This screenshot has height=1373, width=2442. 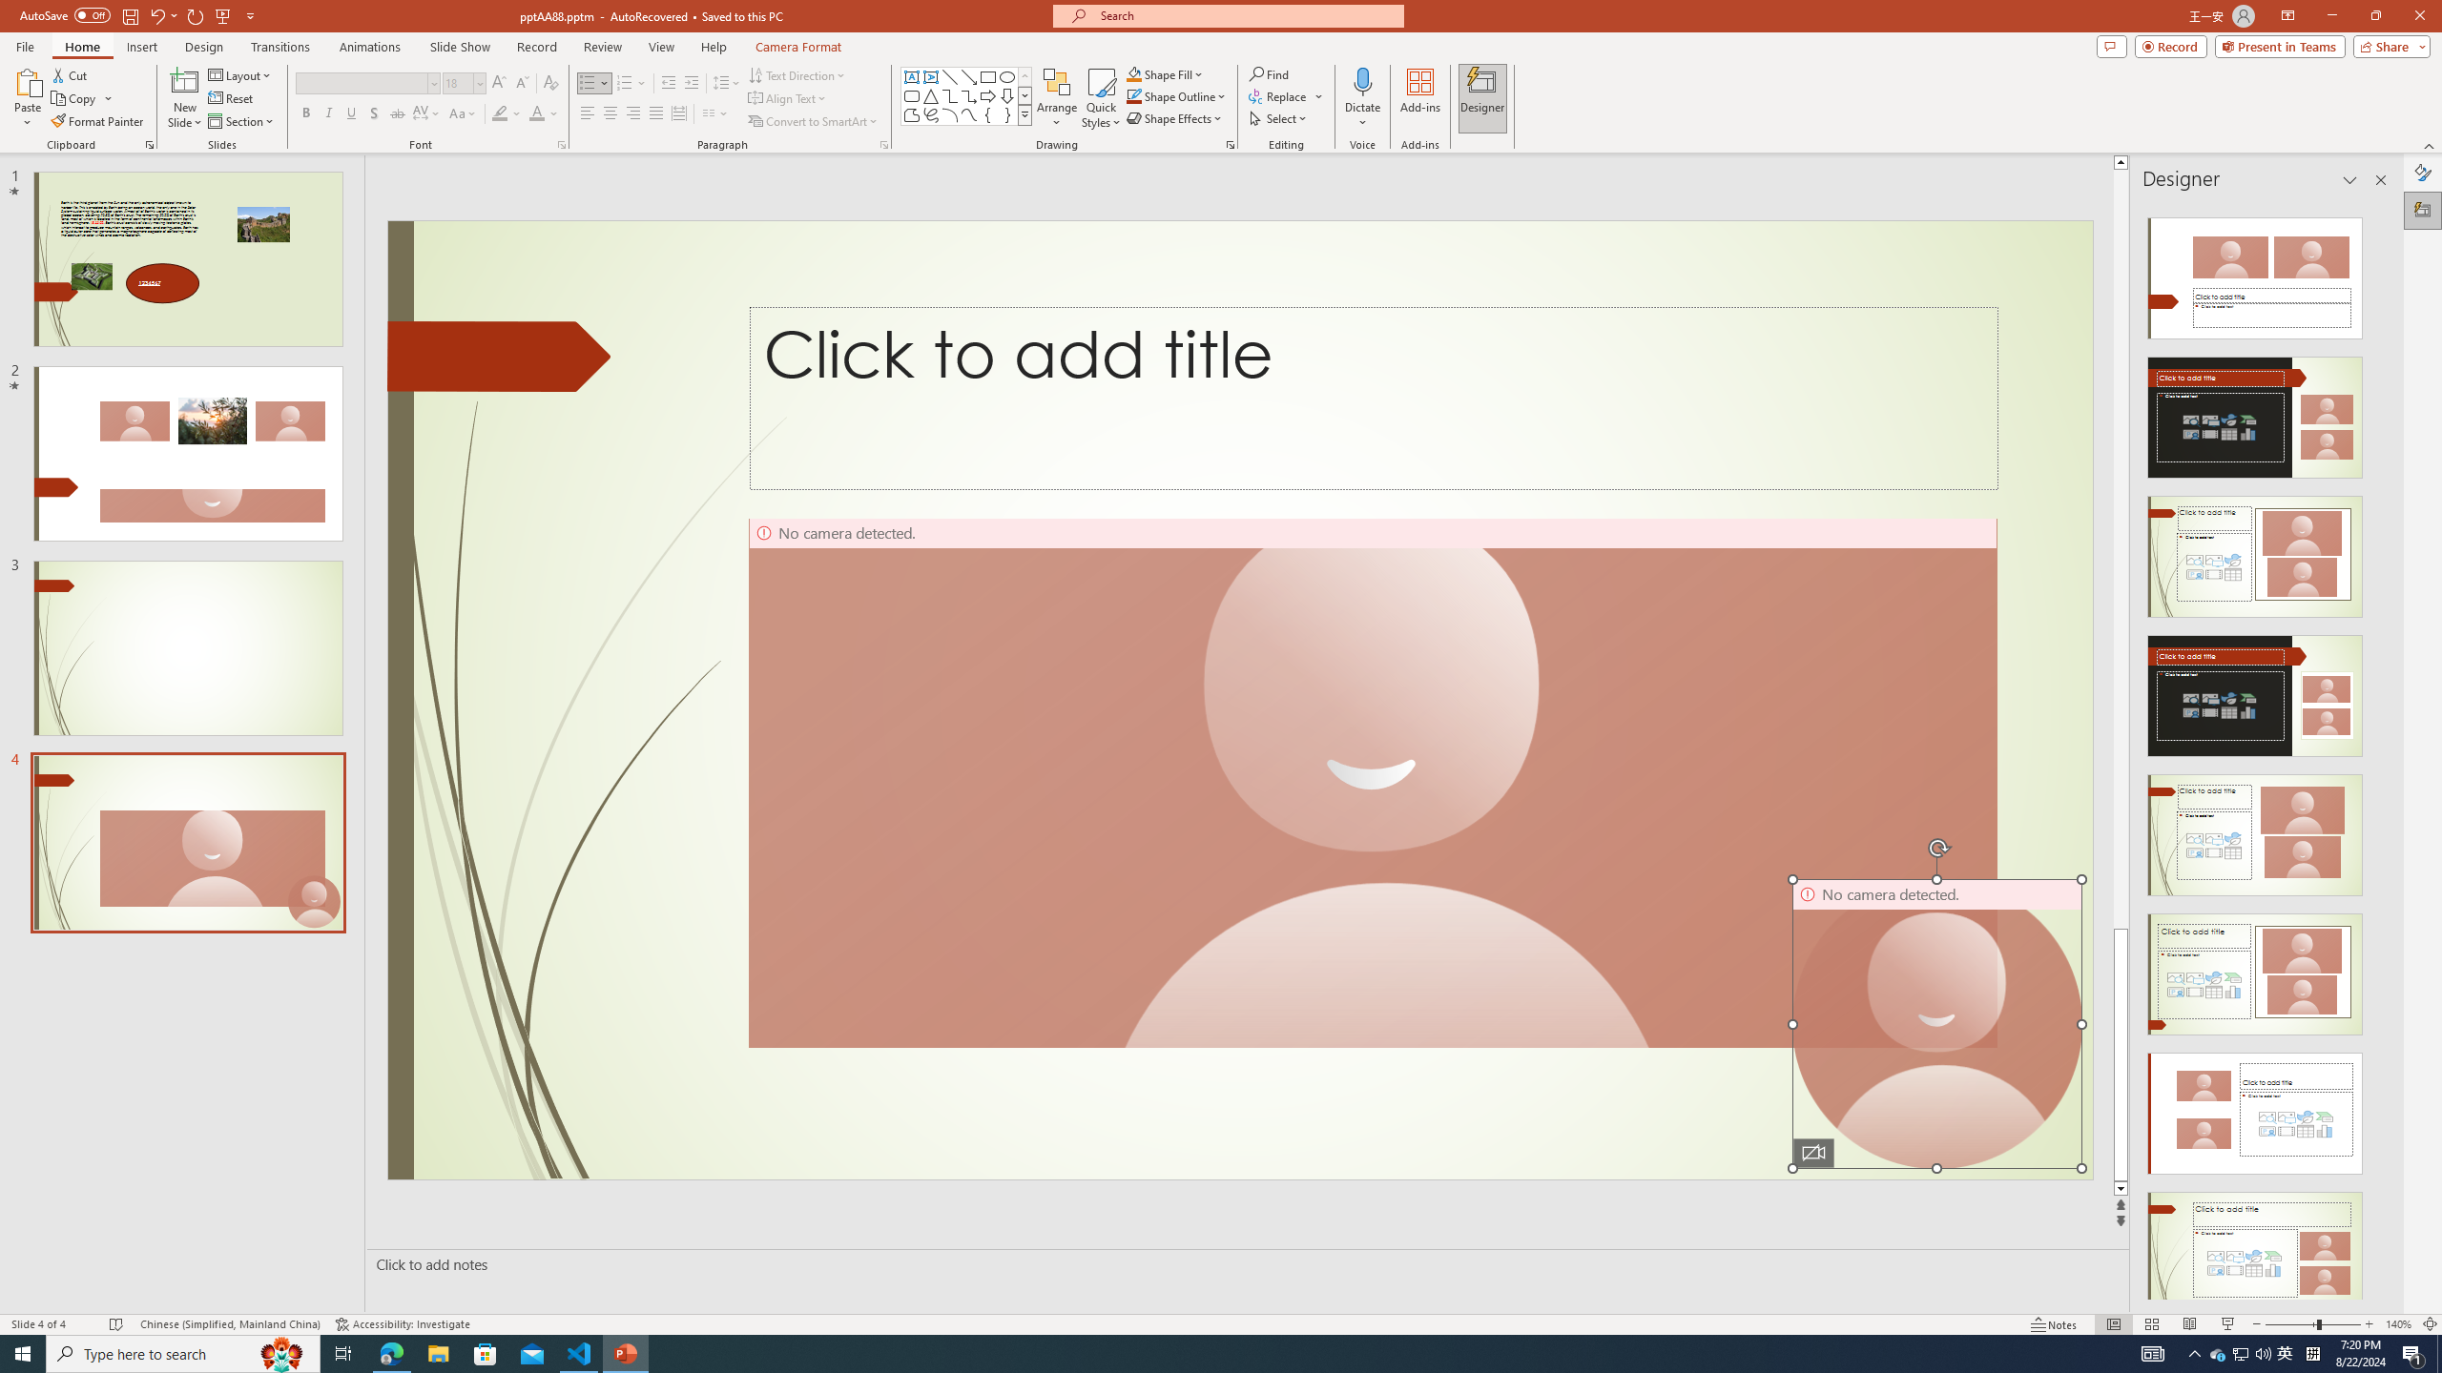 What do you see at coordinates (1166, 73) in the screenshot?
I see `'Shape Fill'` at bounding box center [1166, 73].